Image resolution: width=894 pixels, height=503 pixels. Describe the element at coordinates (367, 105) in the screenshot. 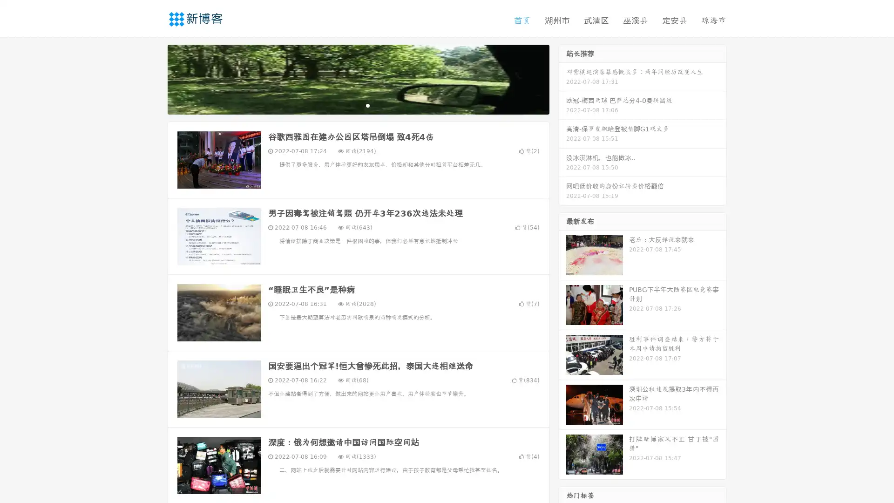

I see `Go to slide 3` at that location.